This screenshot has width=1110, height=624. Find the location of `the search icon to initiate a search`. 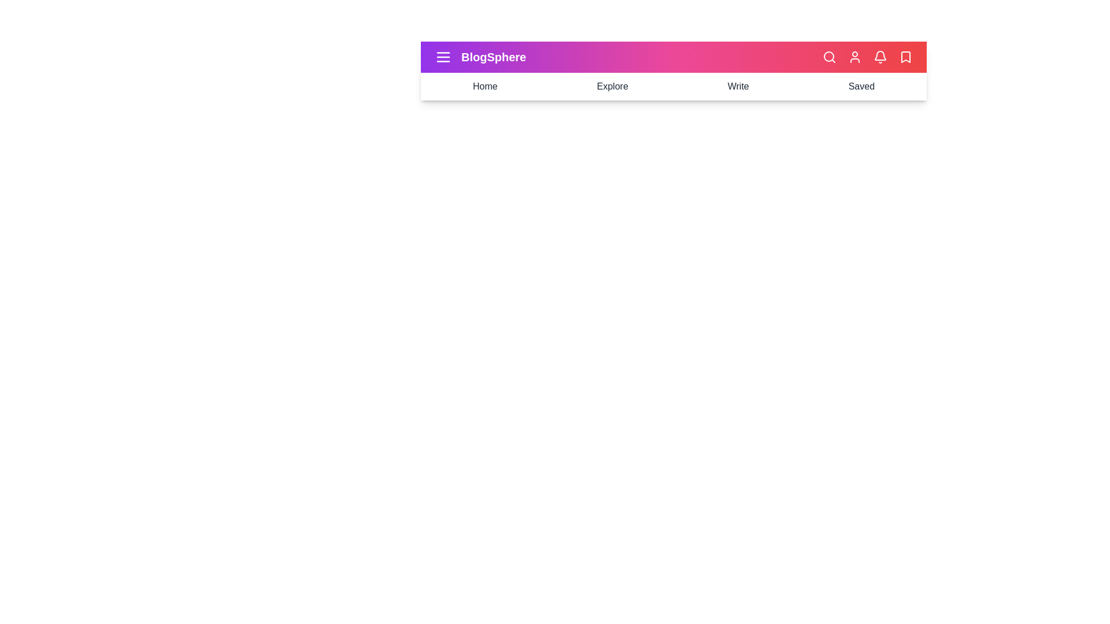

the search icon to initiate a search is located at coordinates (829, 57).